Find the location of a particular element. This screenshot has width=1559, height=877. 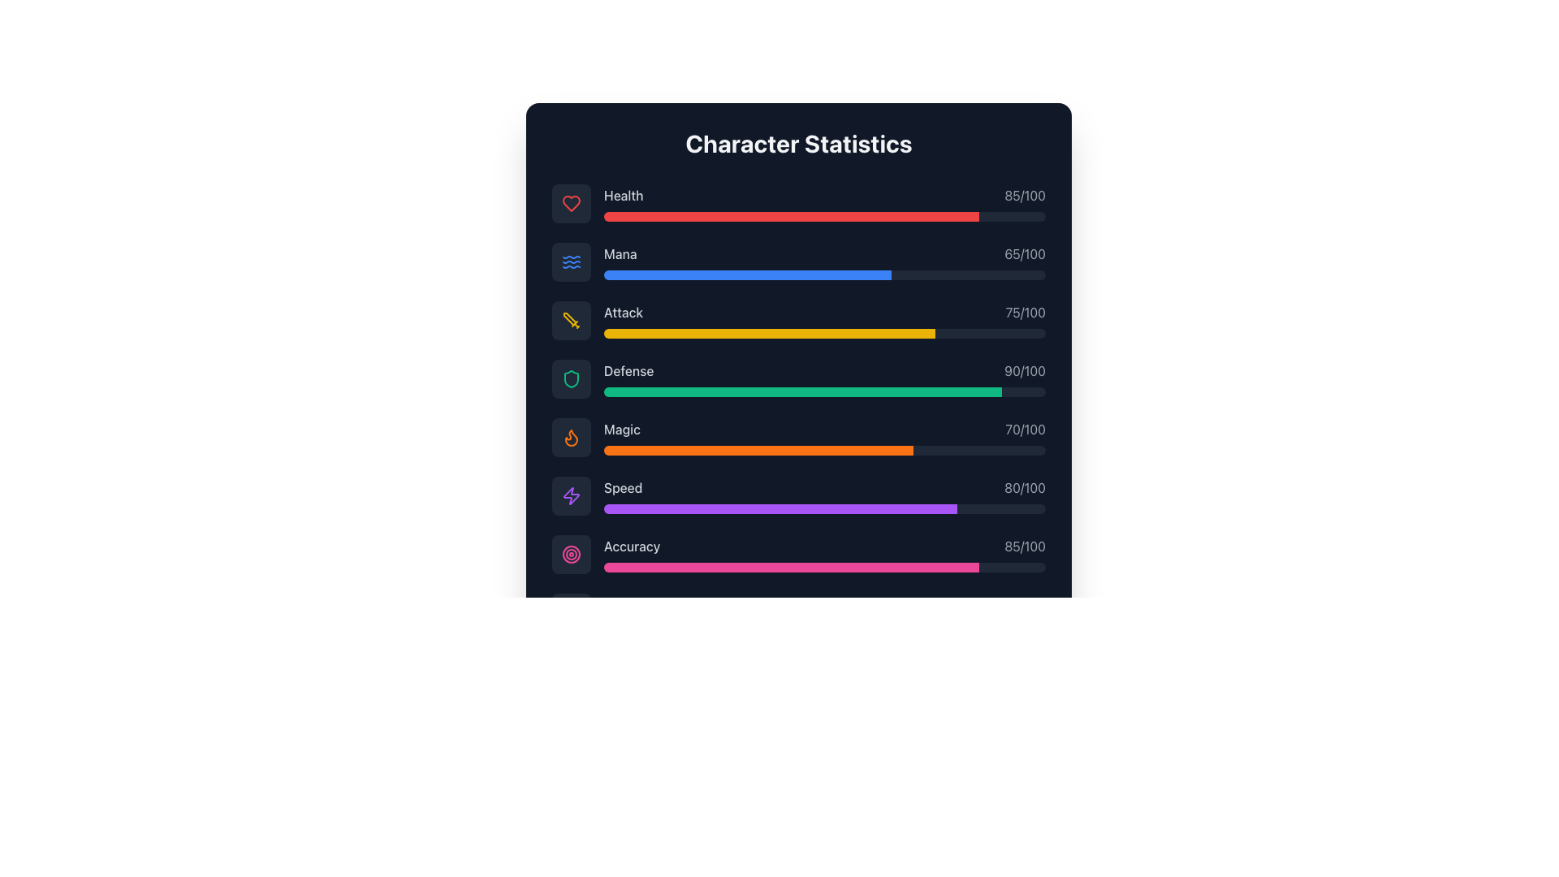

the 'Defense' icon in the character statistics panel, which is the fourth icon in a vertical list on the left side, beside the 'Defense' label and its green progress bar is located at coordinates (572, 378).